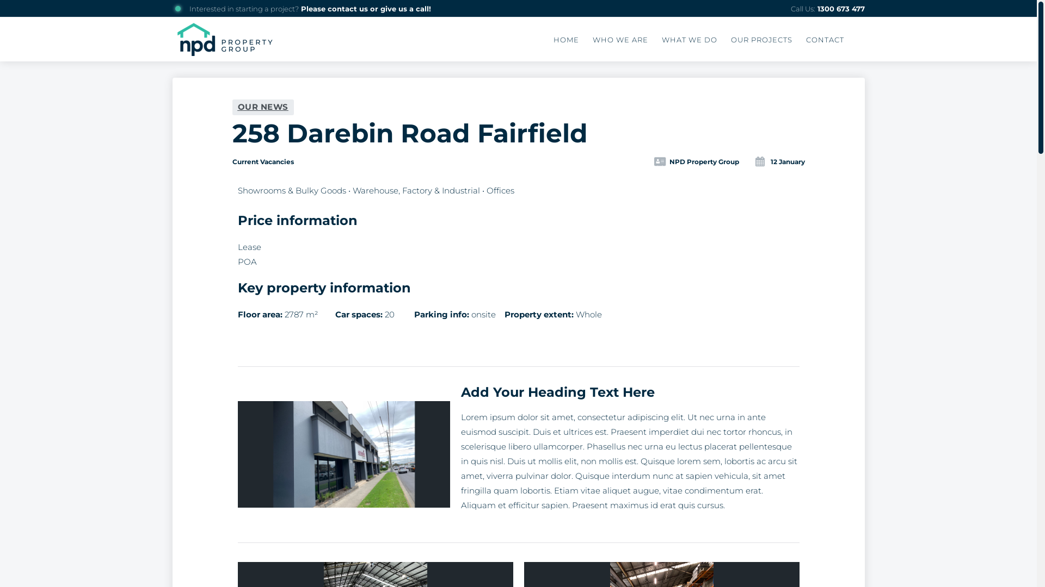  I want to click on 'Call Us: 1300 673 477', so click(827, 8).